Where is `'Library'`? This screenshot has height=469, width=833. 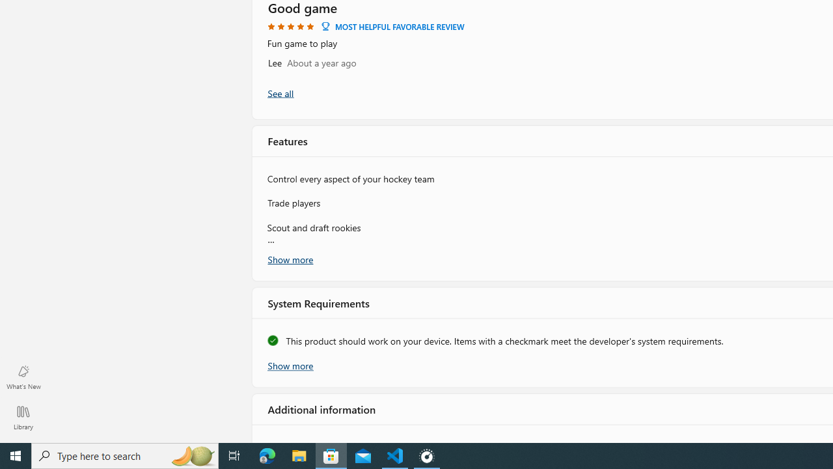
'Library' is located at coordinates (23, 417).